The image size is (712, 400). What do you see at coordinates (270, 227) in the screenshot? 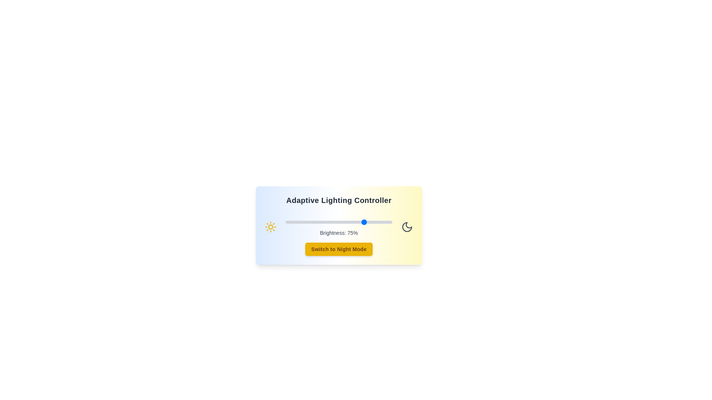
I see `the brightness icon located on the left side of the brightness control section, which indicates the brightness increase functionality` at bounding box center [270, 227].